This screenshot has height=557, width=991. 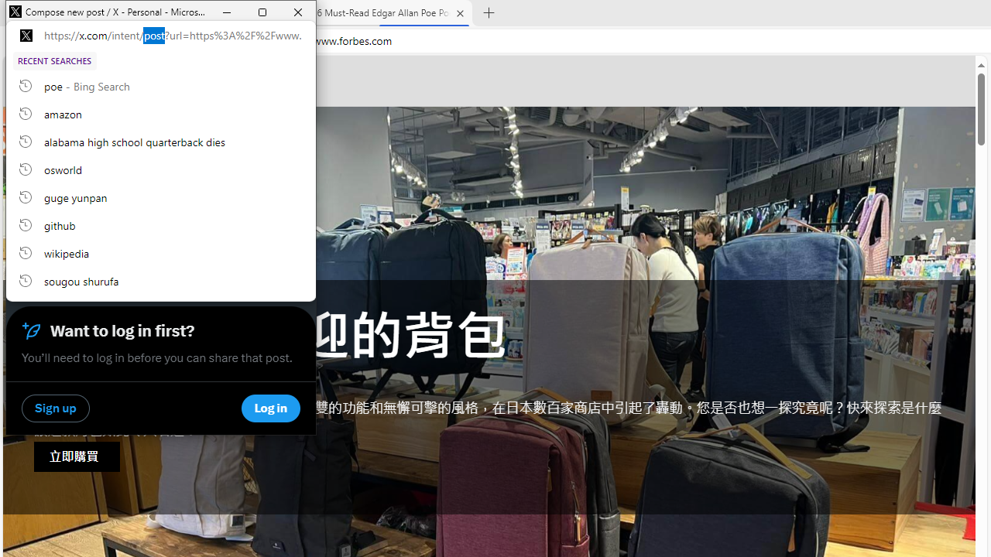 What do you see at coordinates (161, 169) in the screenshot?
I see `'osworld, recent searches from history'` at bounding box center [161, 169].